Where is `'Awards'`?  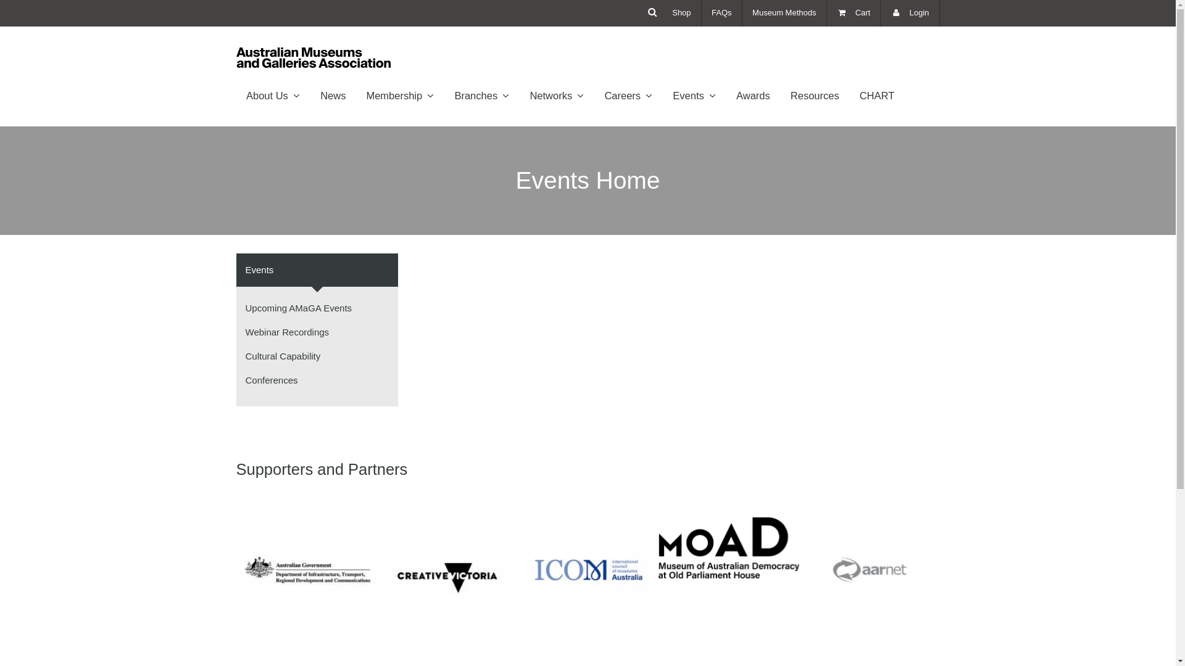
'Awards' is located at coordinates (726, 94).